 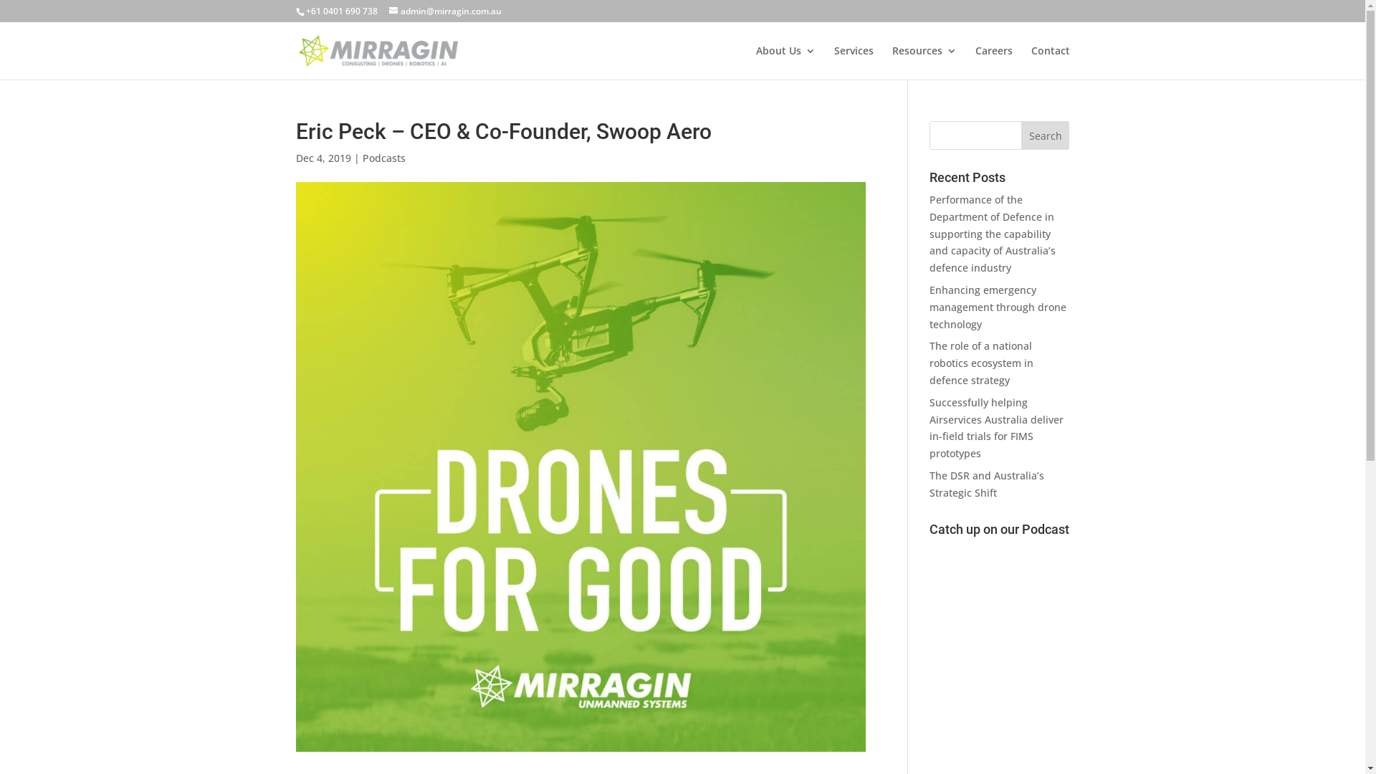 What do you see at coordinates (384, 158) in the screenshot?
I see `'Podcasts'` at bounding box center [384, 158].